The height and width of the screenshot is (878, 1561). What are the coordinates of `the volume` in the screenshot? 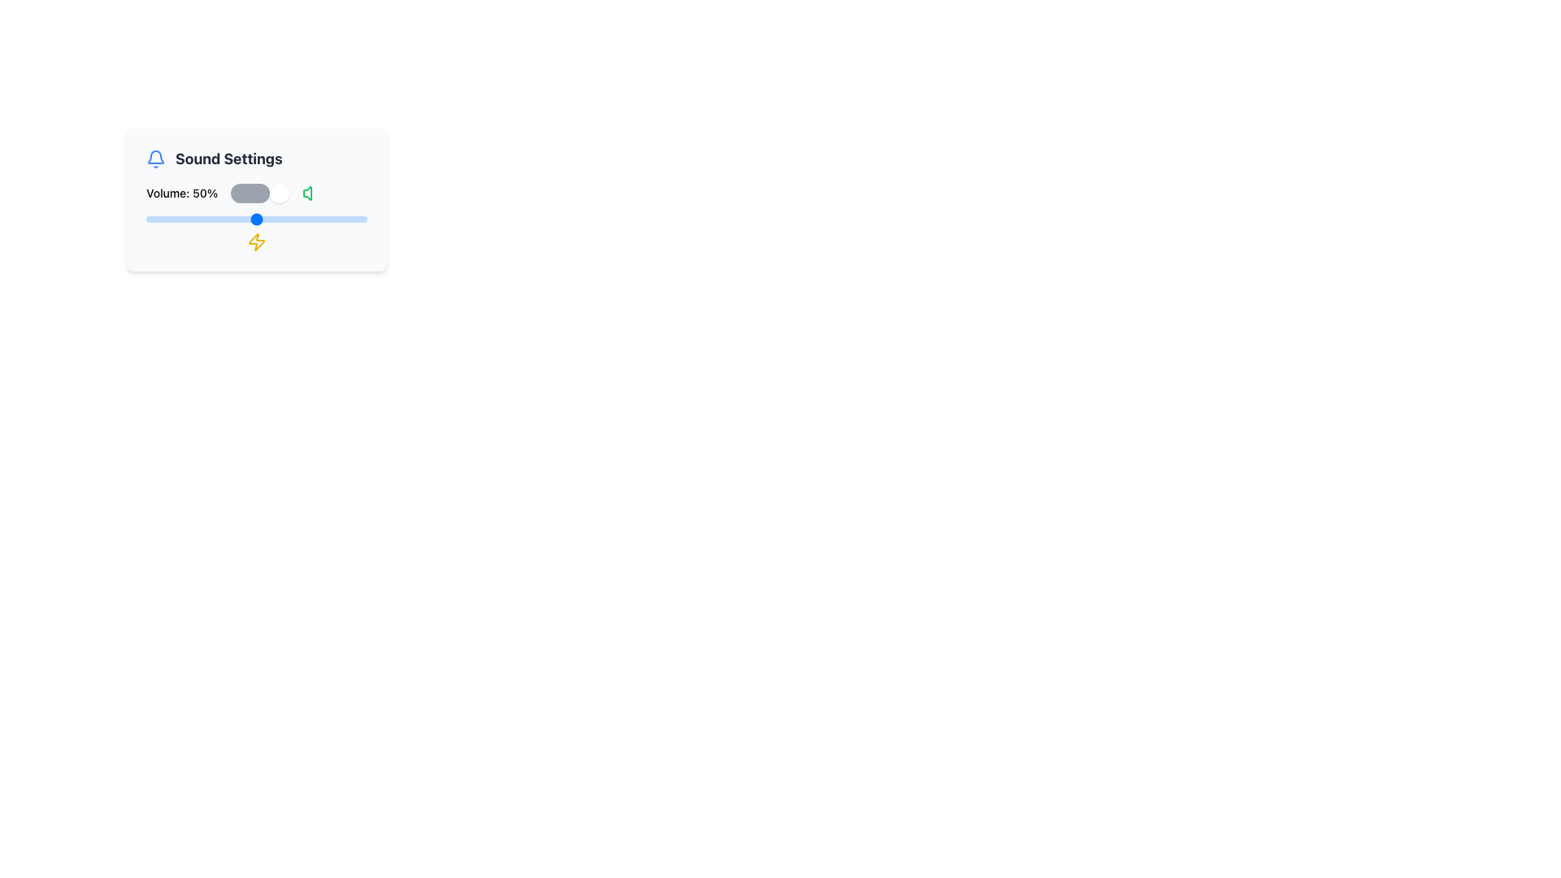 It's located at (223, 219).